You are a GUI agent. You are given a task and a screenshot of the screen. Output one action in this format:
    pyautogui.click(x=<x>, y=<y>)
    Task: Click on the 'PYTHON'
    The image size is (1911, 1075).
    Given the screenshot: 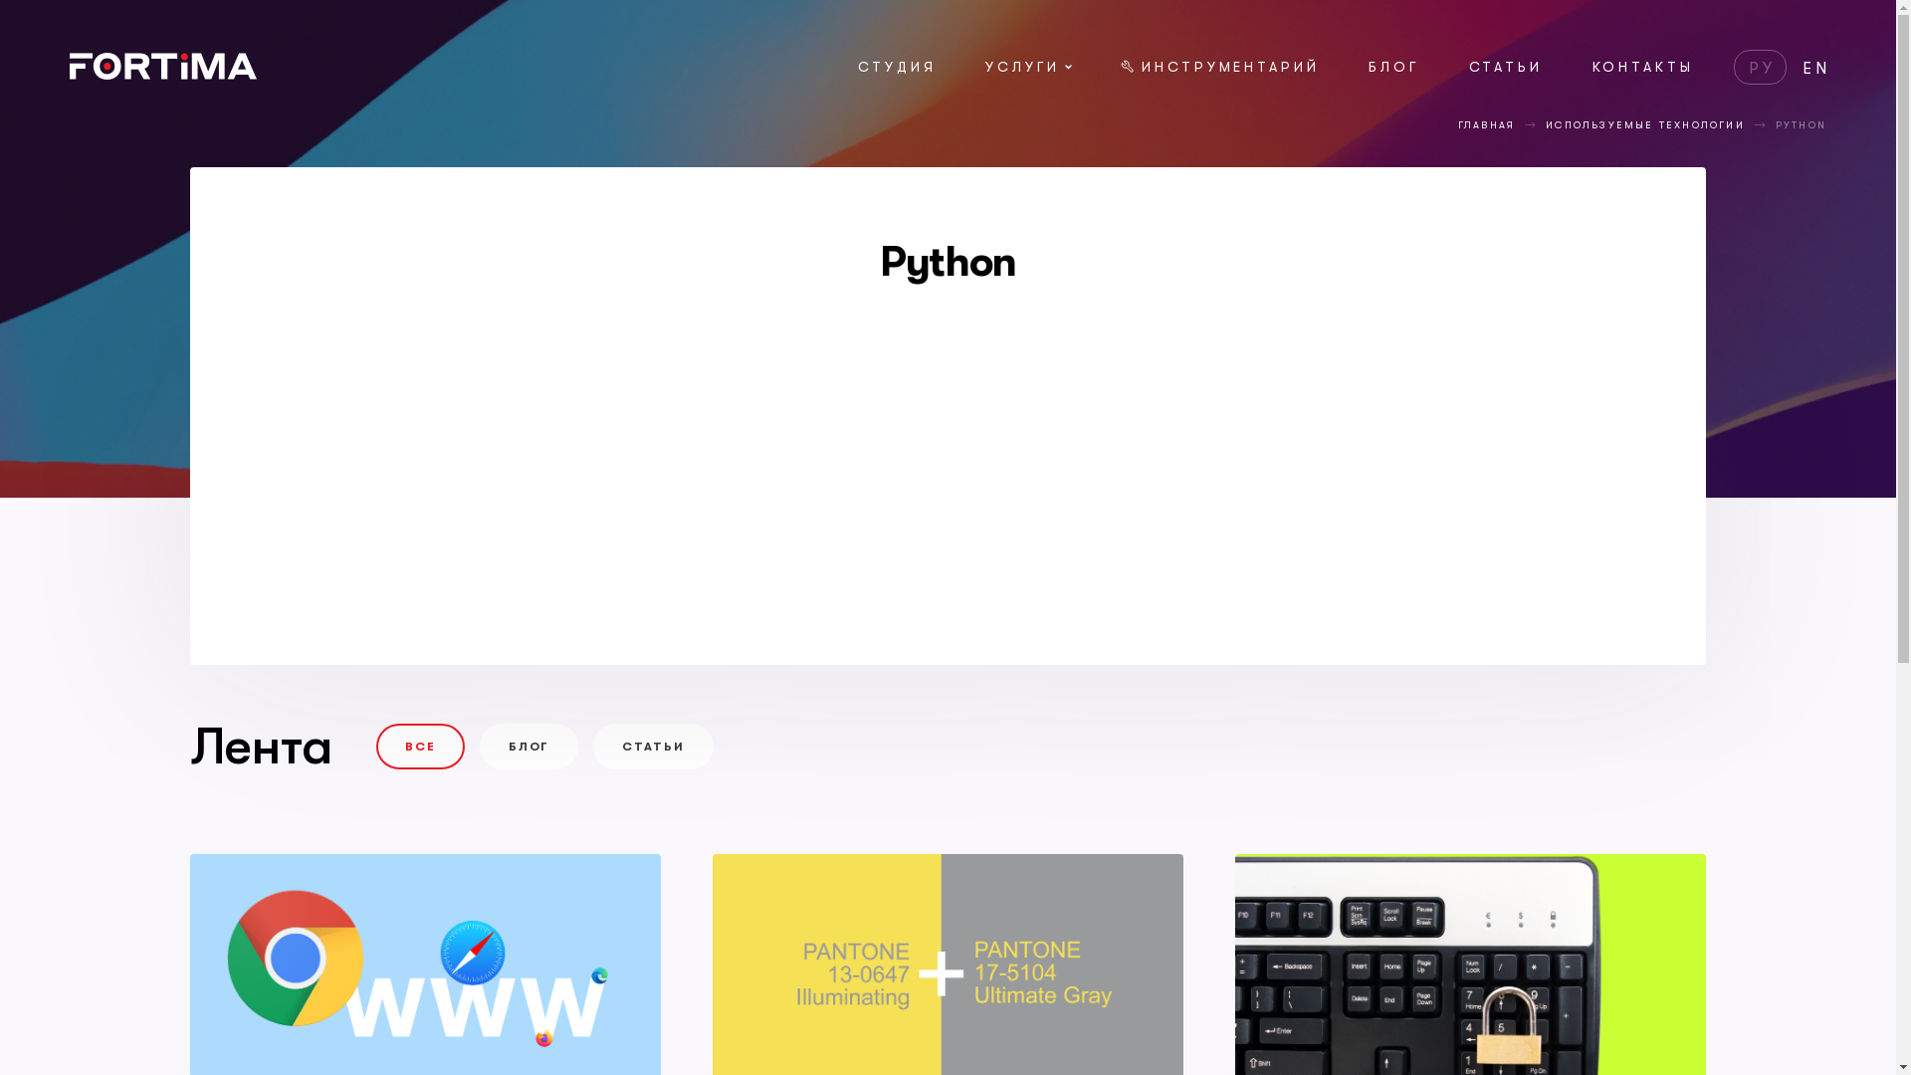 What is the action you would take?
    pyautogui.click(x=1776, y=124)
    